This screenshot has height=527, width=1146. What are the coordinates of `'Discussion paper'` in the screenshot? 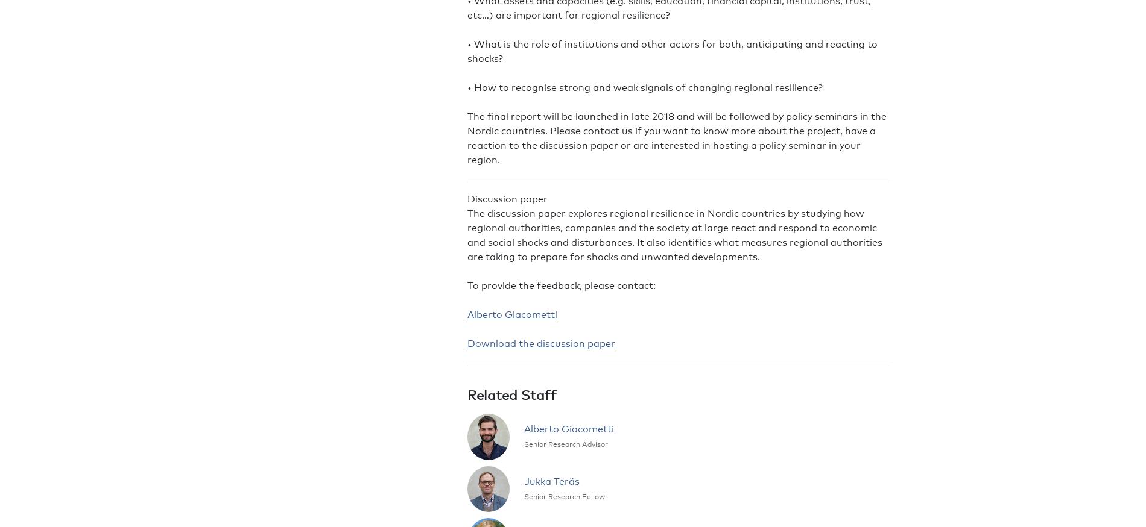 It's located at (507, 198).